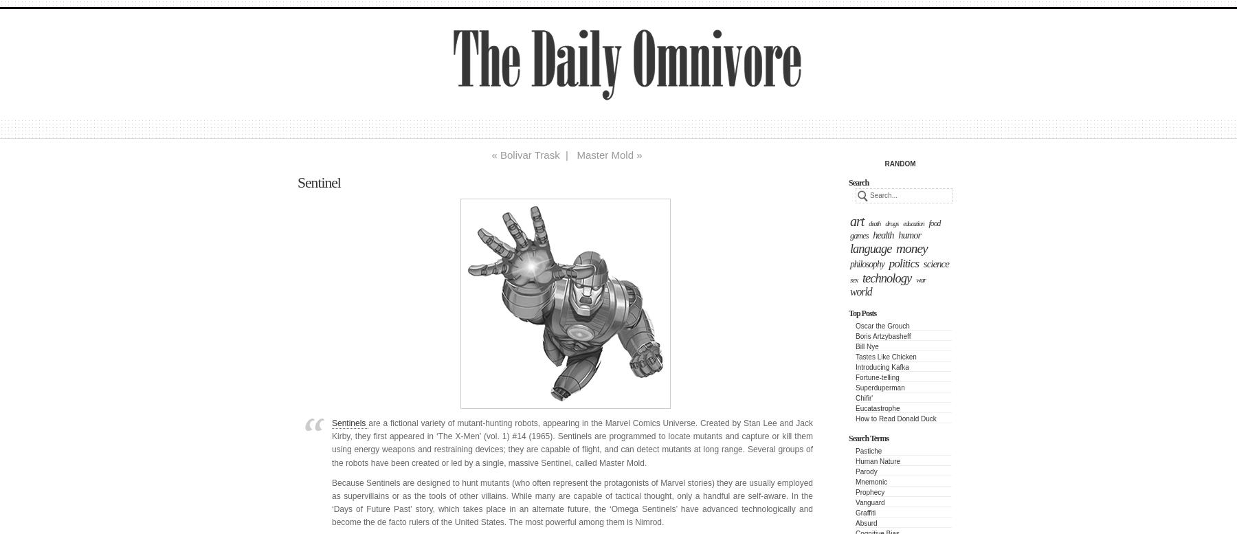 The image size is (1237, 534). I want to click on 'Chifir'', so click(864, 398).